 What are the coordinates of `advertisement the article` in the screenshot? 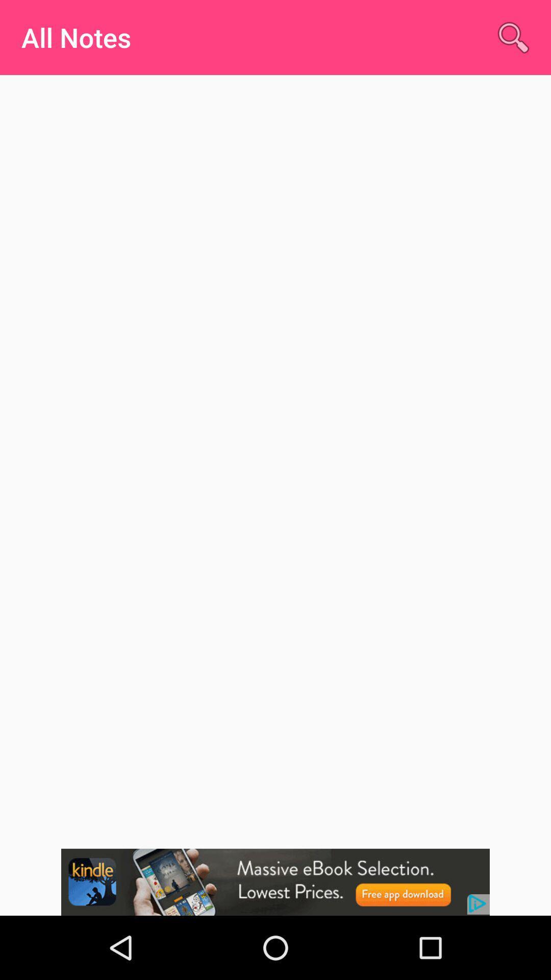 It's located at (275, 881).